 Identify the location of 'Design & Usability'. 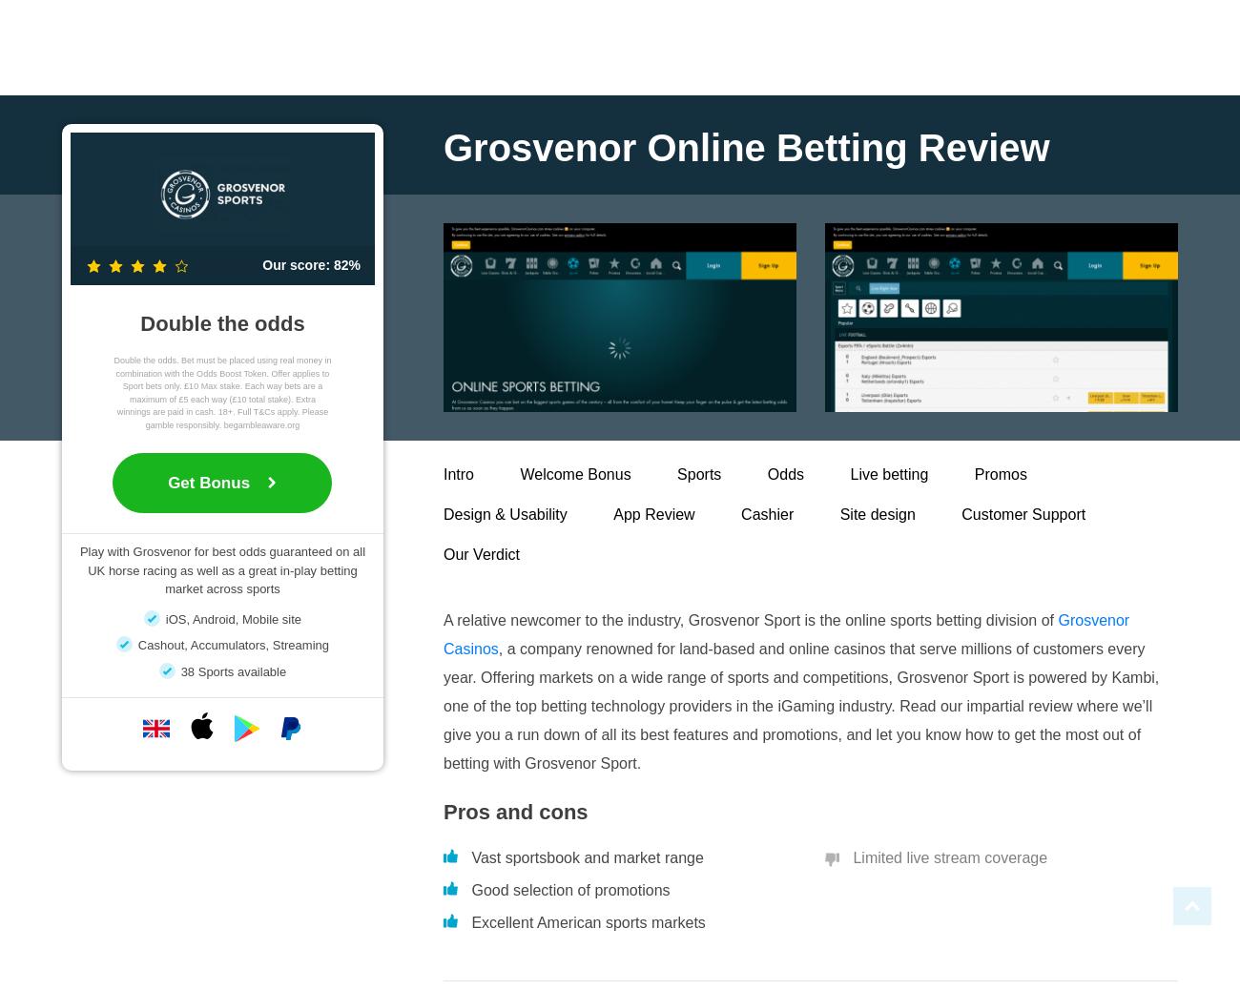
(504, 513).